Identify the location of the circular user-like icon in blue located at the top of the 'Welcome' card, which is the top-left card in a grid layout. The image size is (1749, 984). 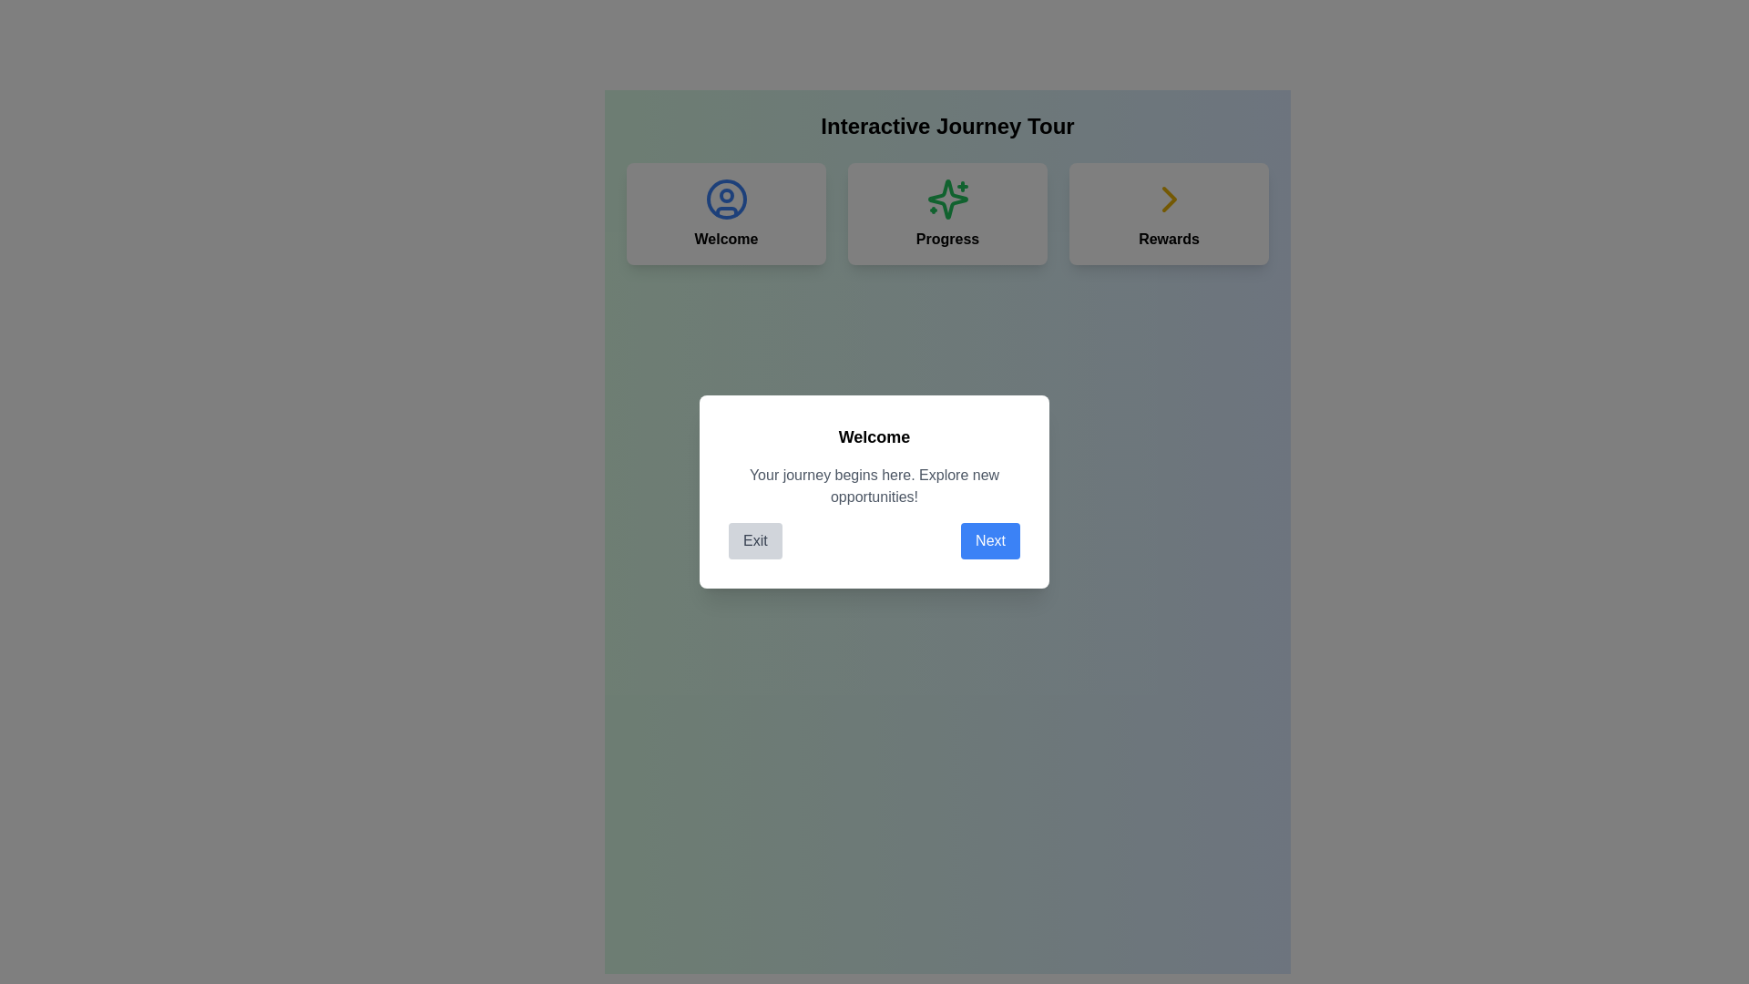
(725, 200).